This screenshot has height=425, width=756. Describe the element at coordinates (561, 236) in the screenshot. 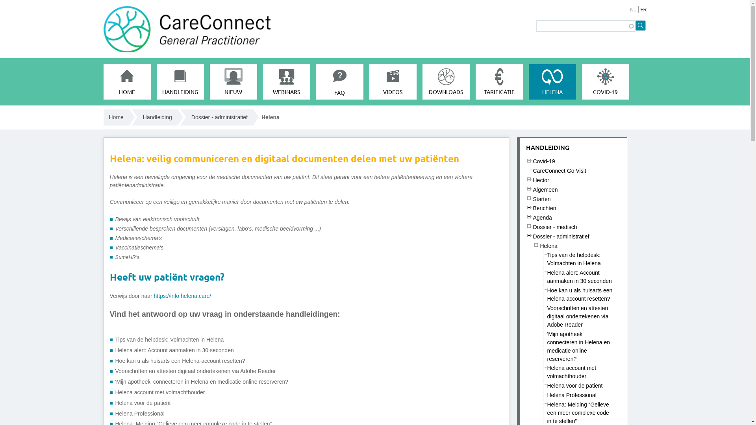

I see `'Dossier - administratief'` at that location.